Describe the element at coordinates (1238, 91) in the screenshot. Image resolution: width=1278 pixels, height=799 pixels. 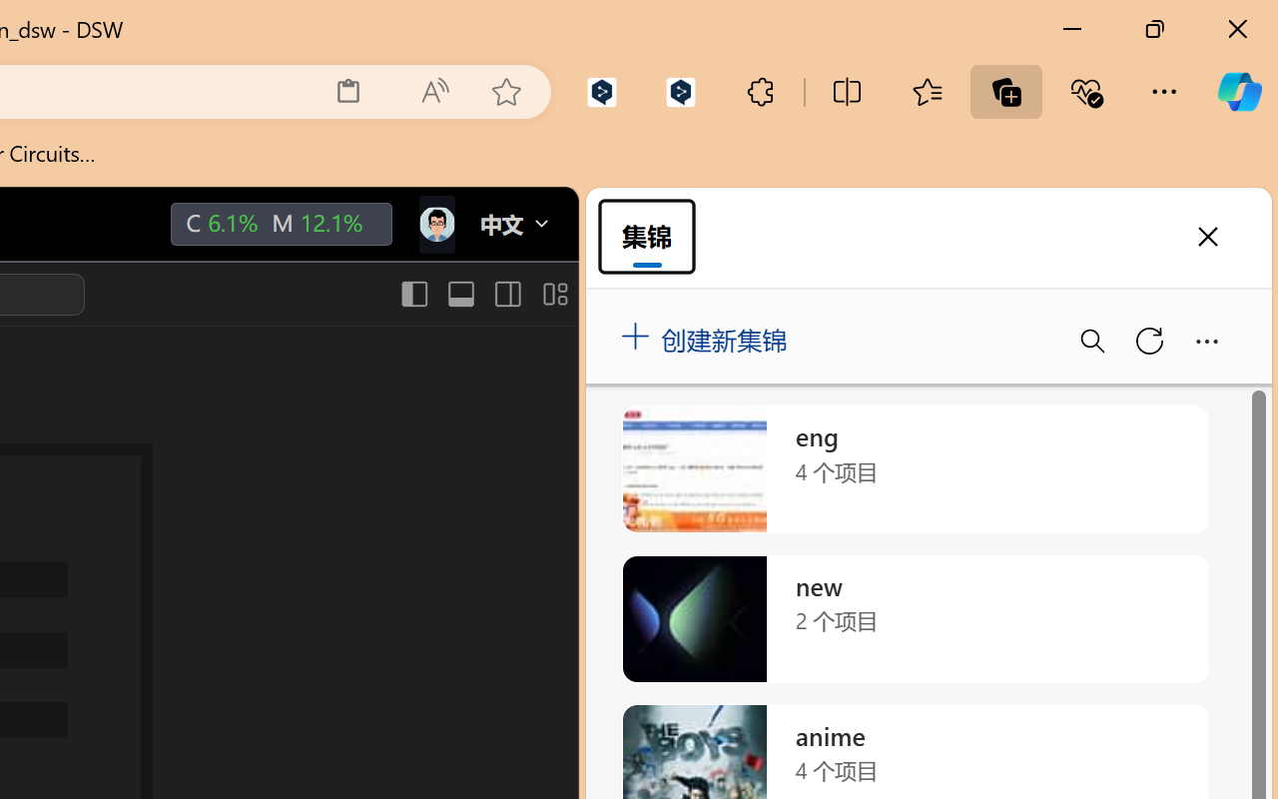
I see `'Copilot (Ctrl+Shift+.)'` at that location.